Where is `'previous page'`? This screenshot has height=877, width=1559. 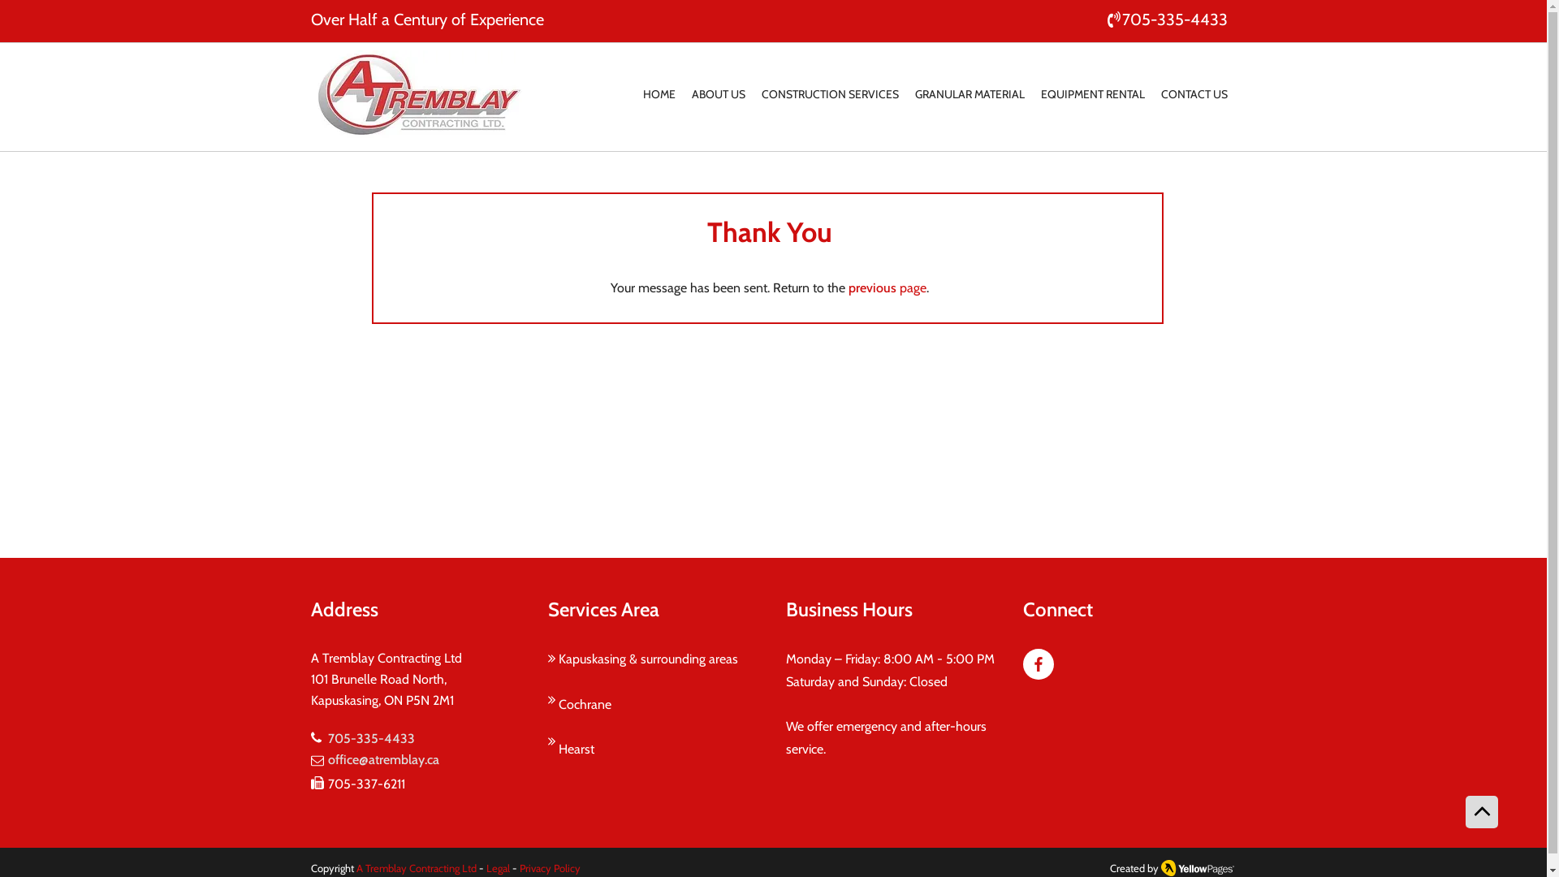 'previous page' is located at coordinates (885, 287).